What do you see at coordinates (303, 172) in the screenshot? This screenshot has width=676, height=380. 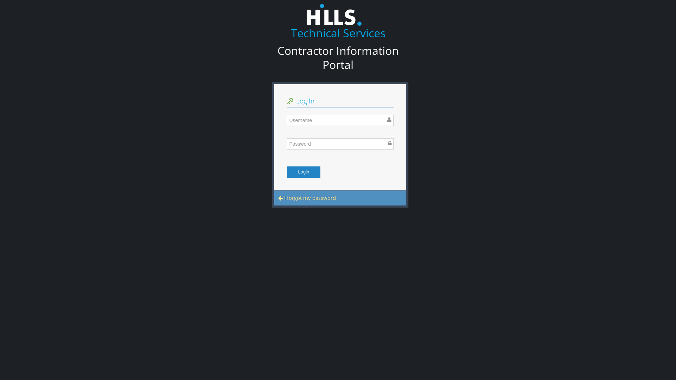 I see `'Login'` at bounding box center [303, 172].